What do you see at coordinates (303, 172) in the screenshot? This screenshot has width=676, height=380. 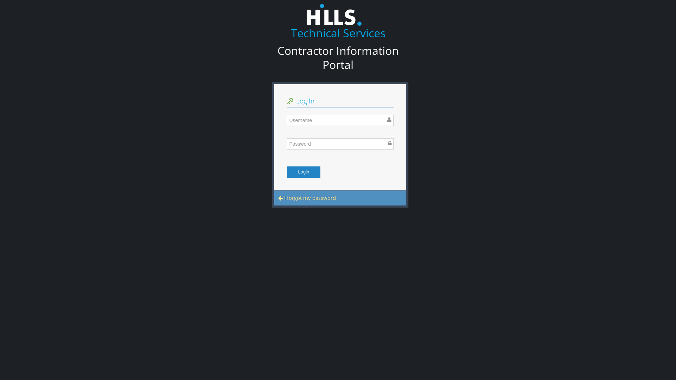 I see `'Login'` at bounding box center [303, 172].